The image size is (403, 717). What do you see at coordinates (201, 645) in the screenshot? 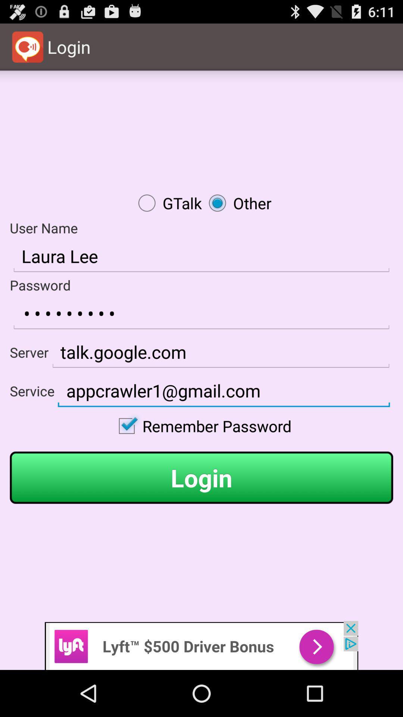
I see `open advertisement` at bounding box center [201, 645].